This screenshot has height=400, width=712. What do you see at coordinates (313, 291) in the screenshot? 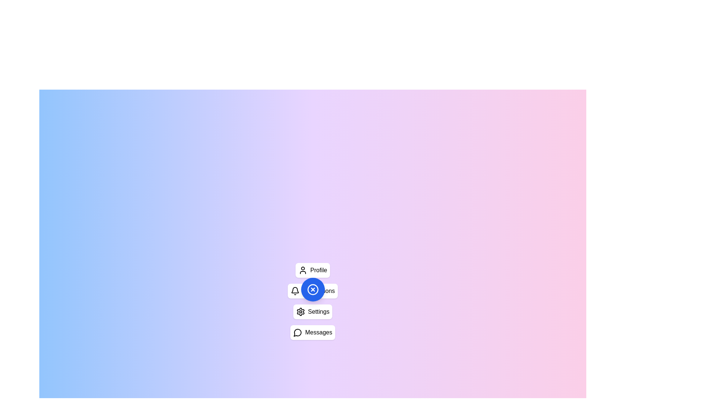
I see `the 'Notifications' button in the speed dial` at bounding box center [313, 291].